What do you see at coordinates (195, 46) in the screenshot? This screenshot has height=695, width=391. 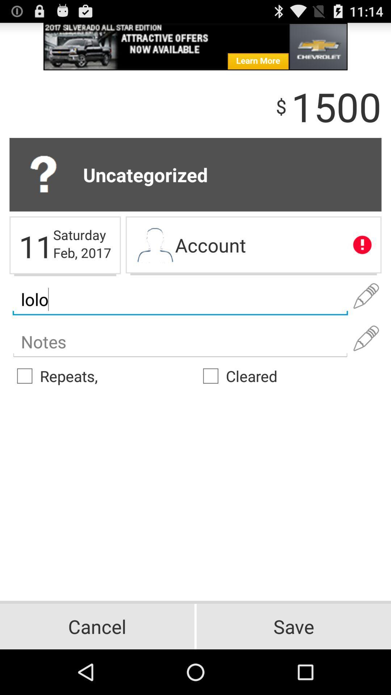 I see `advertisement` at bounding box center [195, 46].